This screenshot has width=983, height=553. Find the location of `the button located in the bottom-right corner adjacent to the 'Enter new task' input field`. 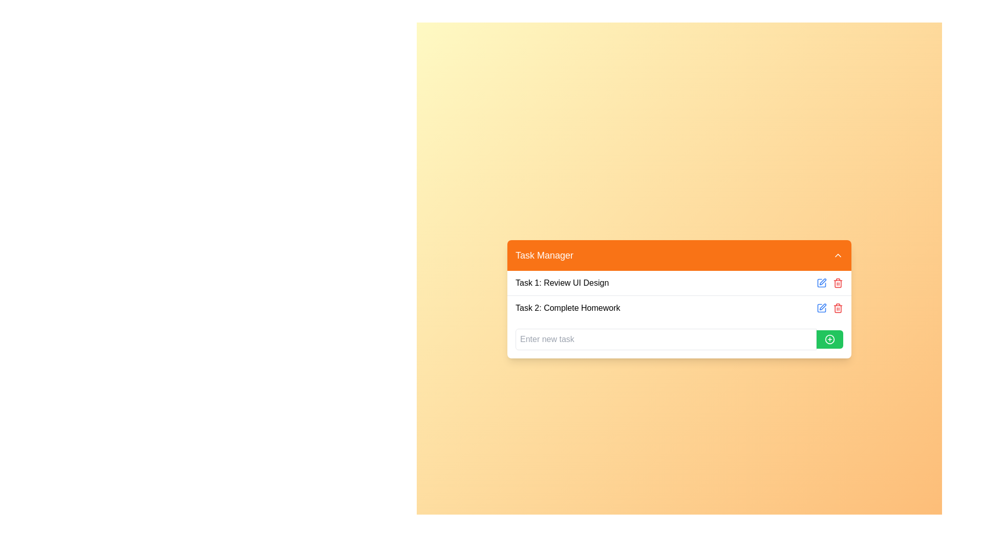

the button located in the bottom-right corner adjacent to the 'Enter new task' input field is located at coordinates (830, 339).